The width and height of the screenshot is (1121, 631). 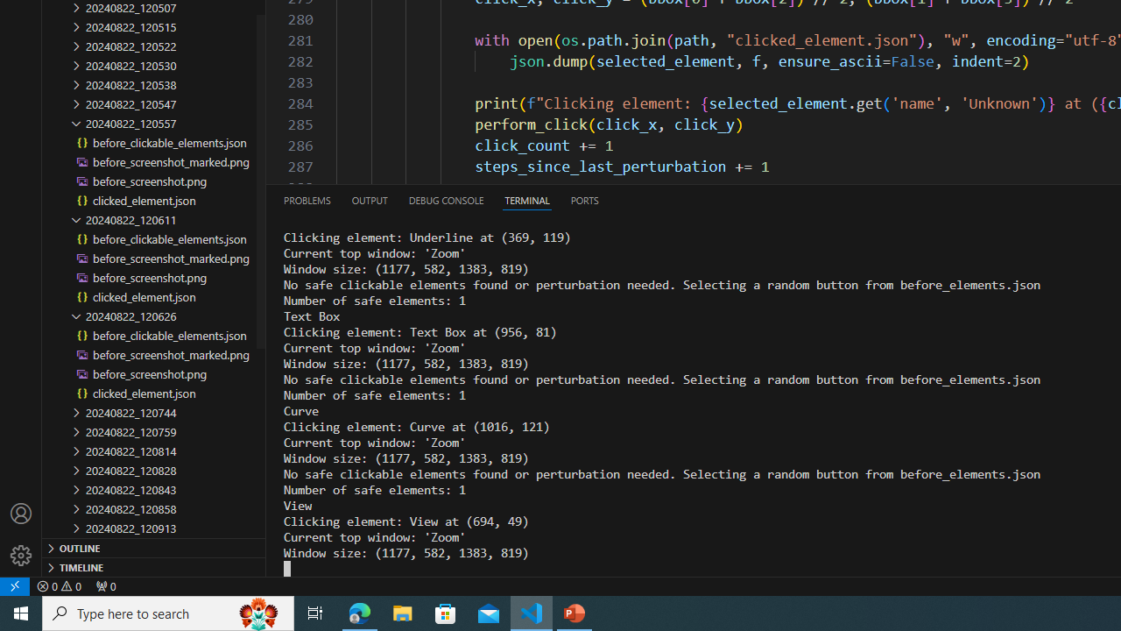 What do you see at coordinates (21, 513) in the screenshot?
I see `'Accounts'` at bounding box center [21, 513].